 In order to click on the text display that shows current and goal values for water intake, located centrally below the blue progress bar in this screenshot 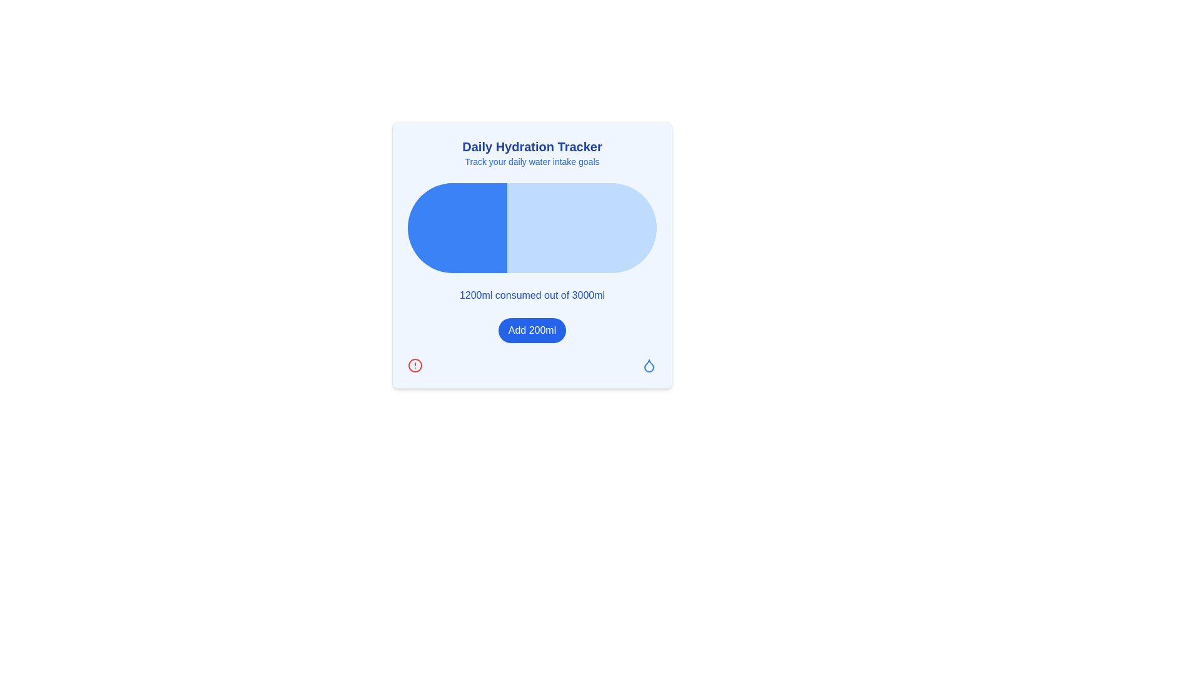, I will do `click(532, 296)`.